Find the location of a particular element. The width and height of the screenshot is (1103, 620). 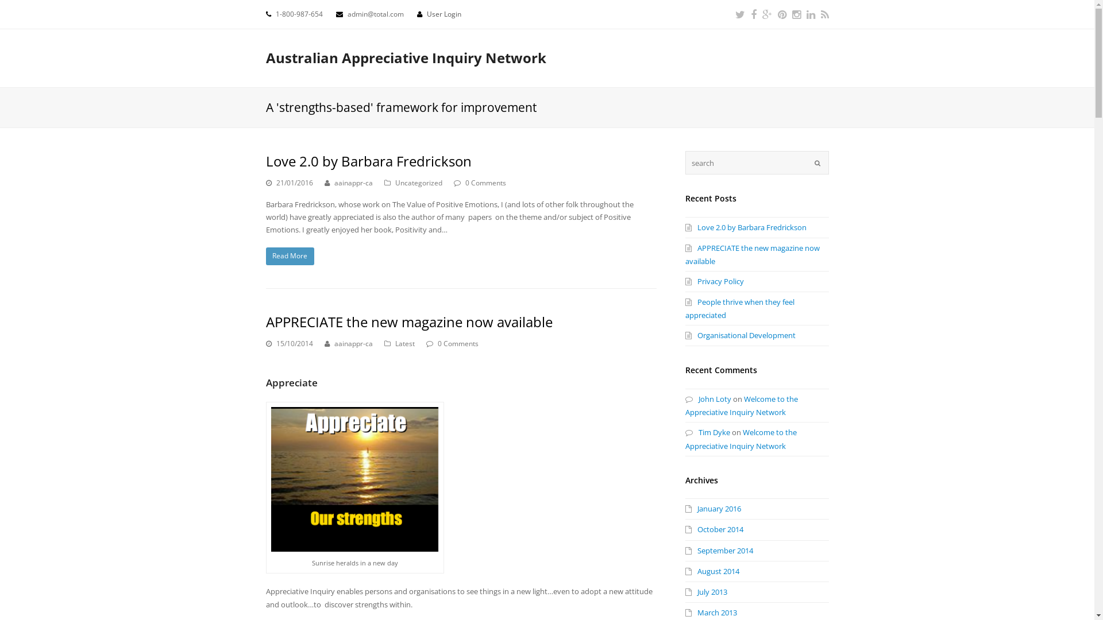

'September 2014' is located at coordinates (718, 550).